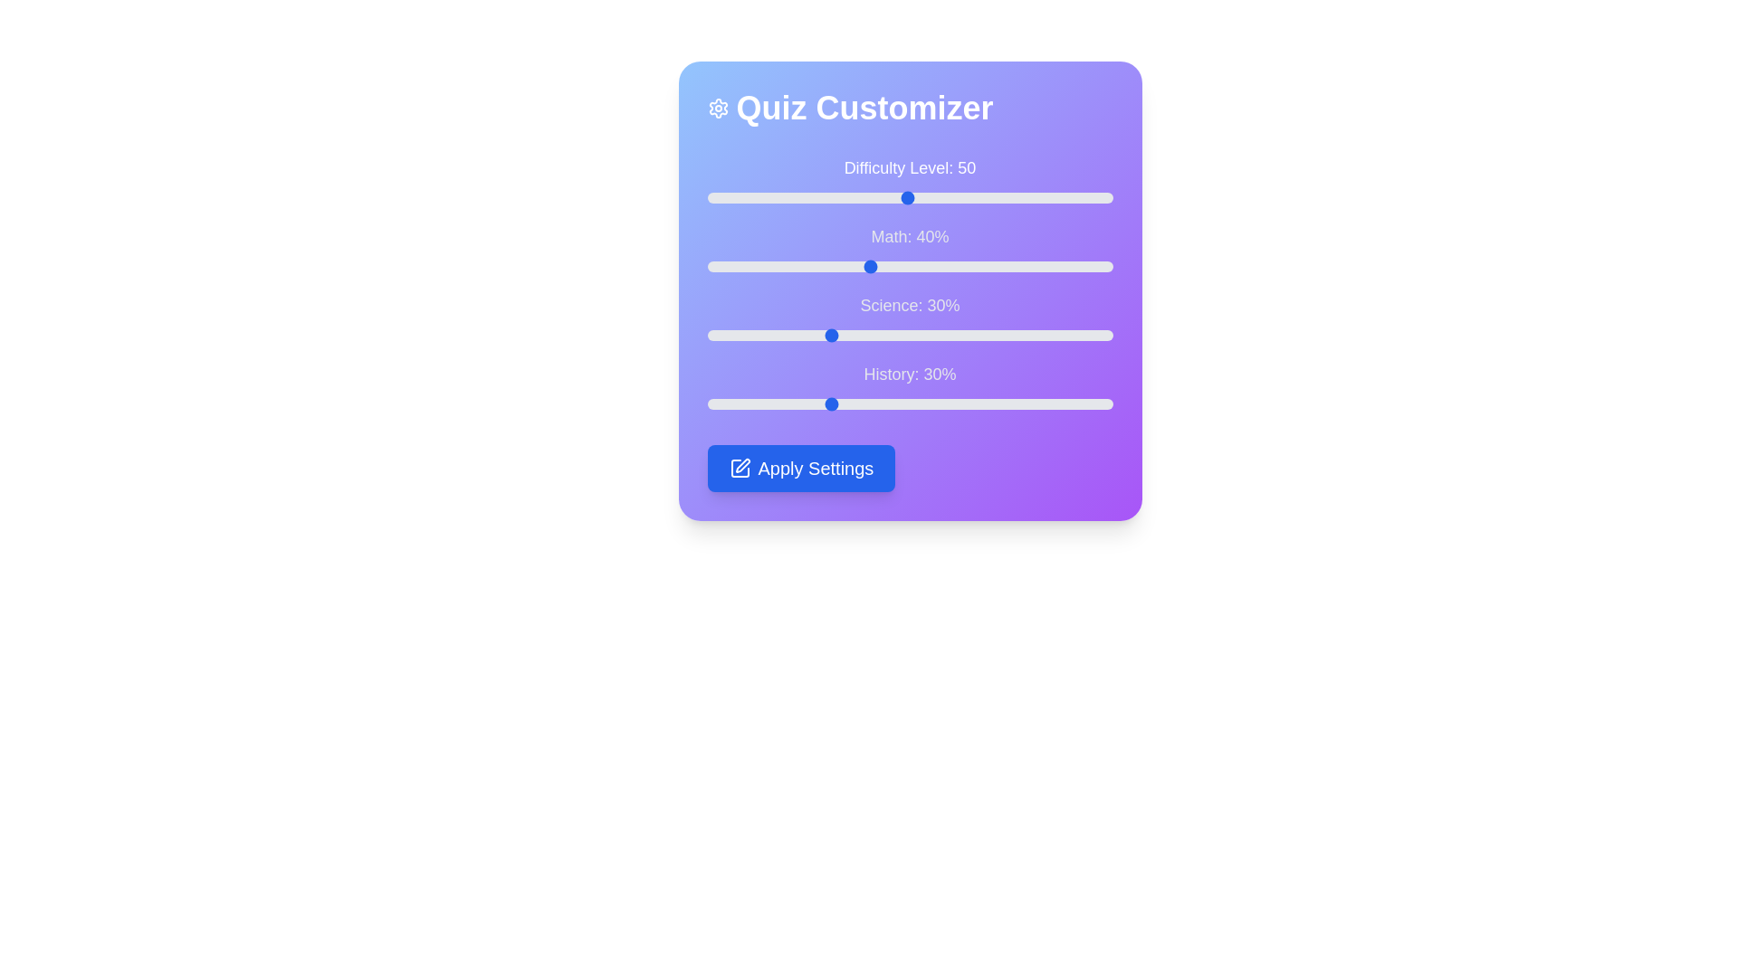  What do you see at coordinates (902, 198) in the screenshot?
I see `the difficulty level slider to 48` at bounding box center [902, 198].